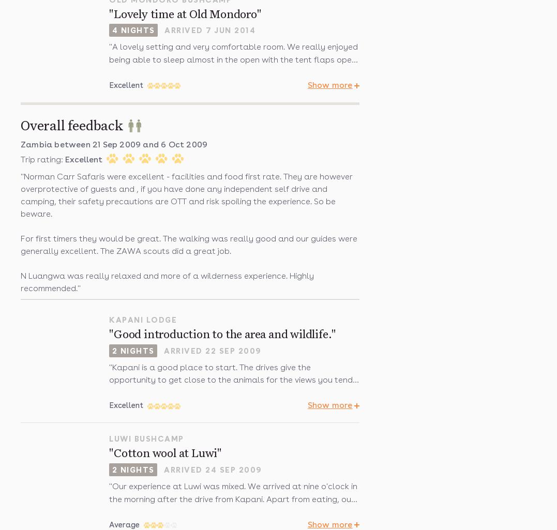 The width and height of the screenshot is (557, 530). What do you see at coordinates (42, 159) in the screenshot?
I see `'Trip rating:'` at bounding box center [42, 159].